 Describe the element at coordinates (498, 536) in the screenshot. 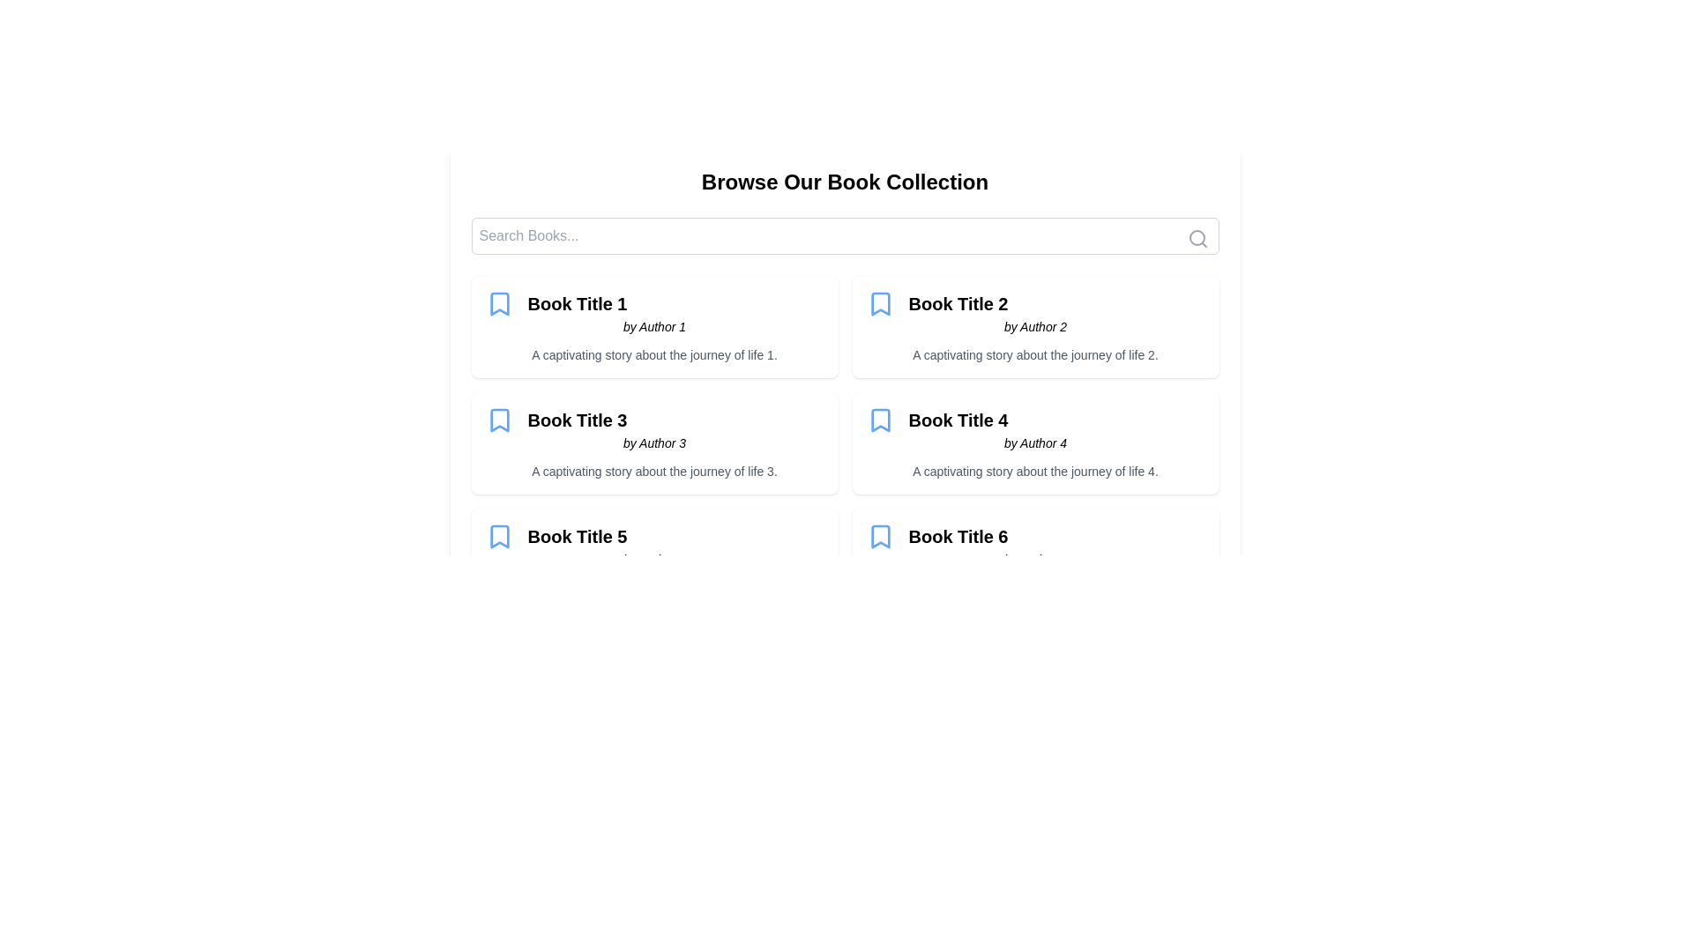

I see `the blue outlined bookmark icon located at the top-left corner of the card for 'Book Title 5'` at that location.